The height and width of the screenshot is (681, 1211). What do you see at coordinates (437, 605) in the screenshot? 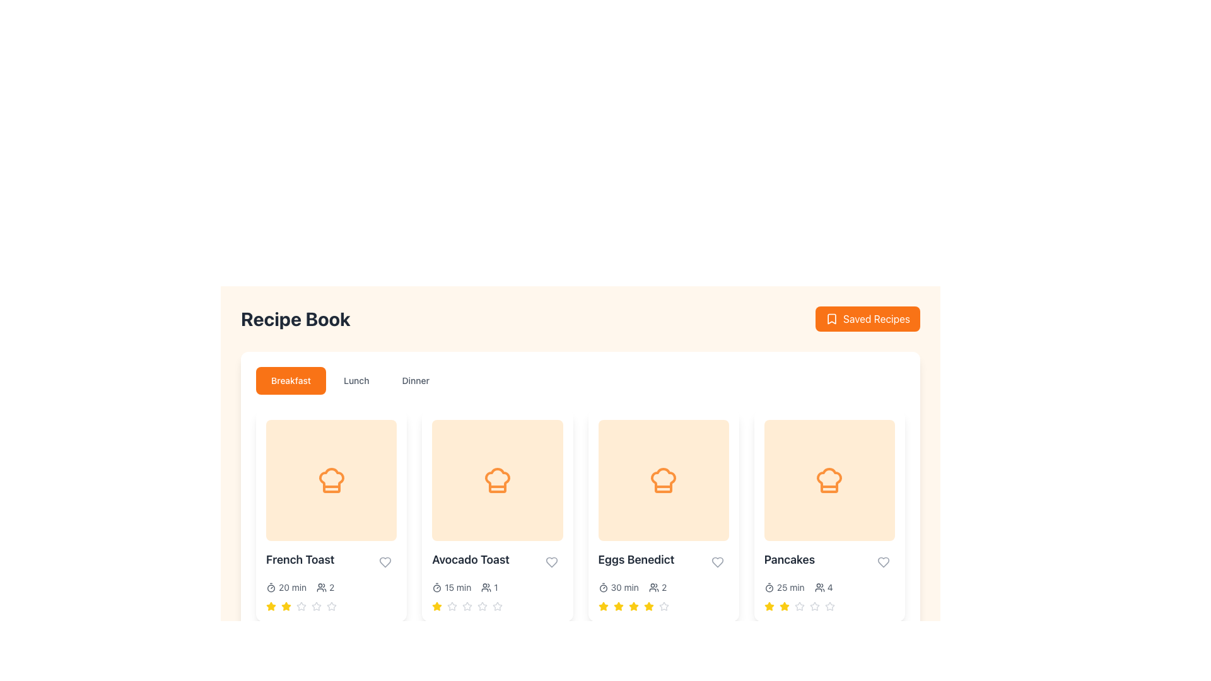
I see `the first yellow star-shaped graphic indicating the rating for the 'Avocado Toast' recipe` at bounding box center [437, 605].